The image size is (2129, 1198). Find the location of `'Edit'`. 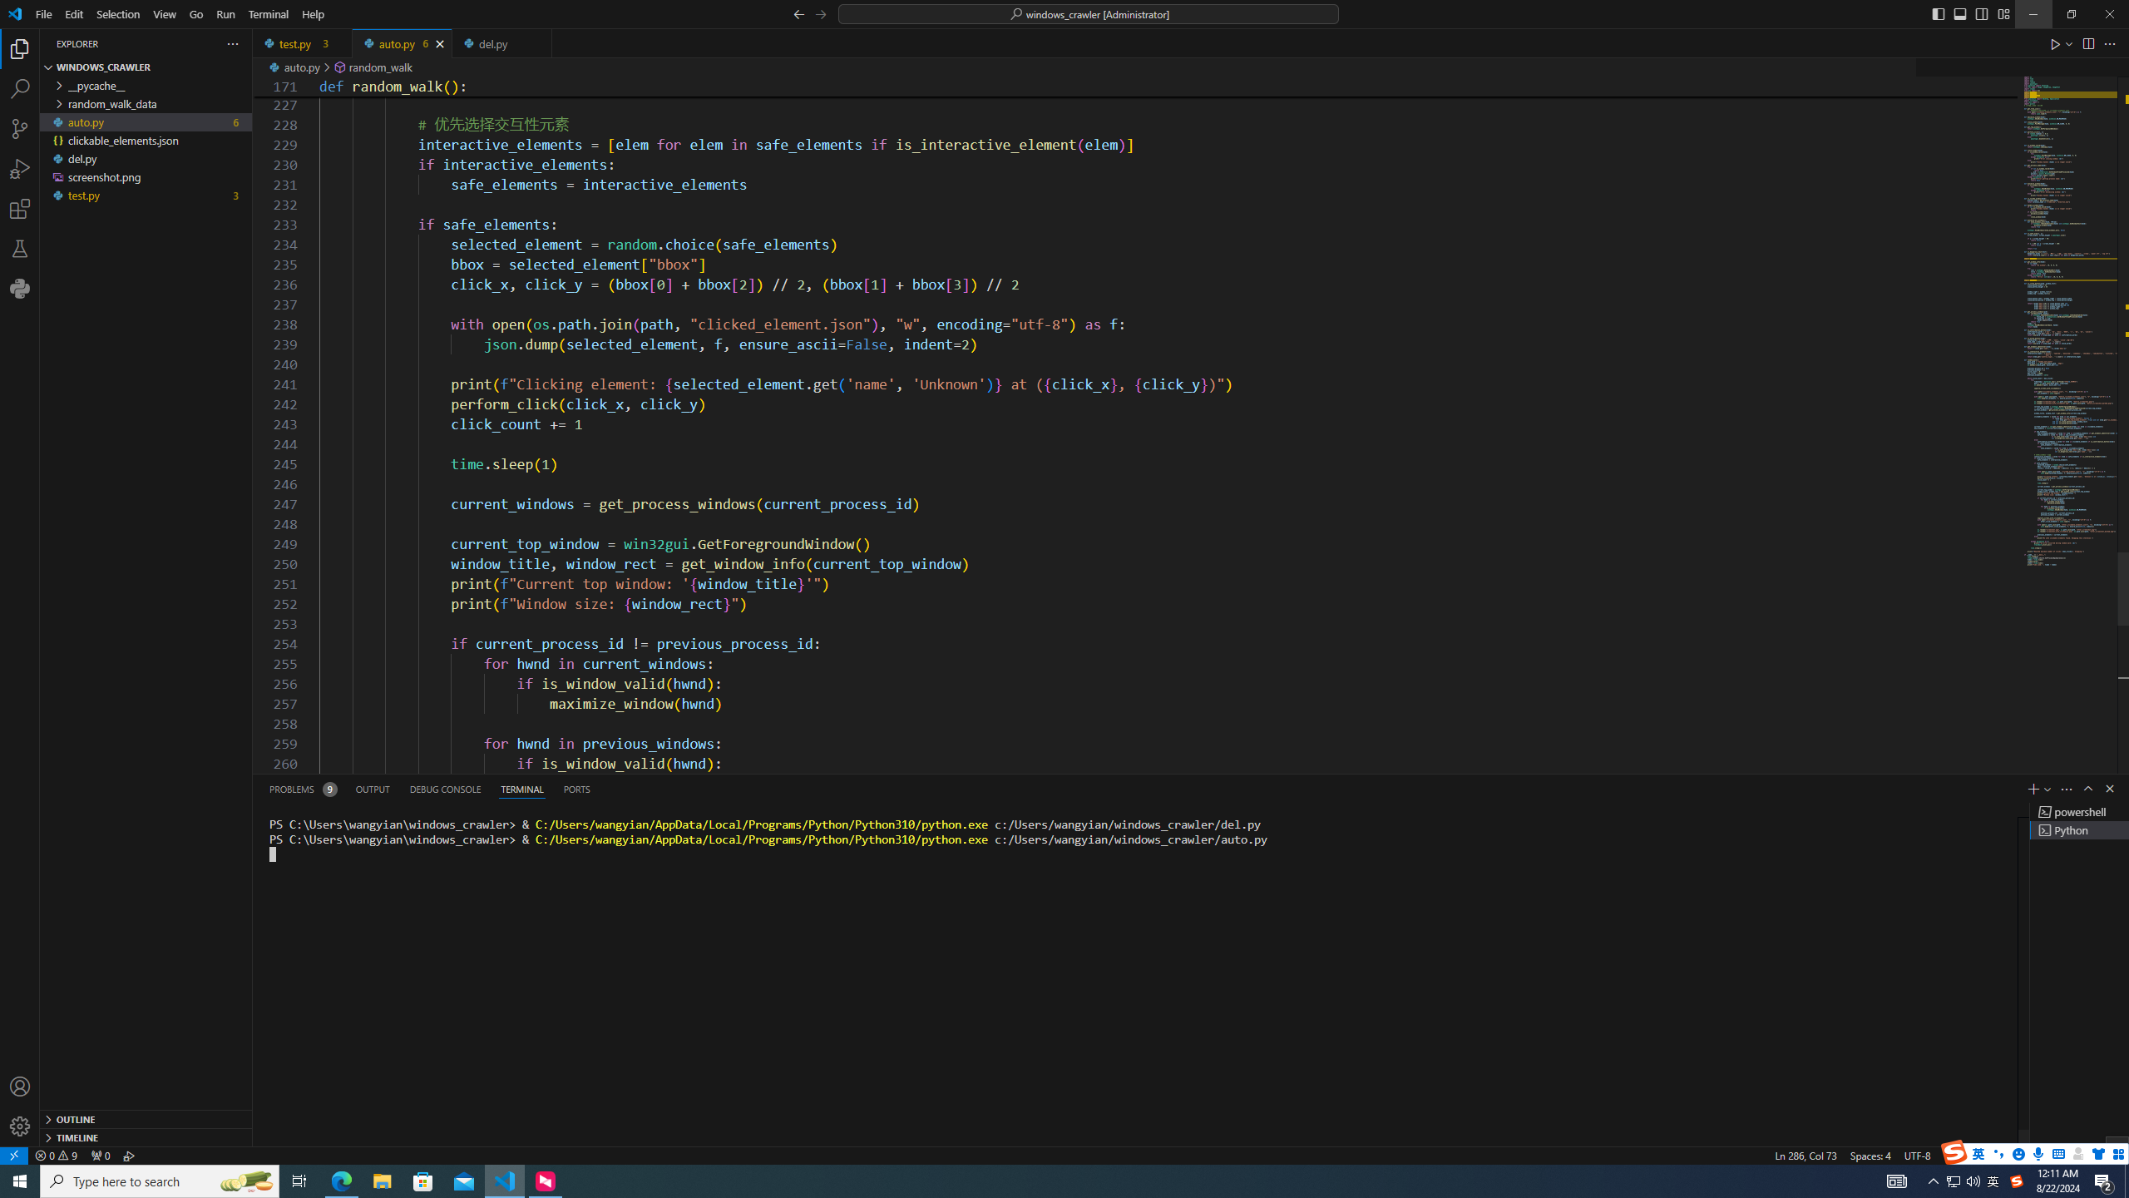

'Edit' is located at coordinates (74, 13).